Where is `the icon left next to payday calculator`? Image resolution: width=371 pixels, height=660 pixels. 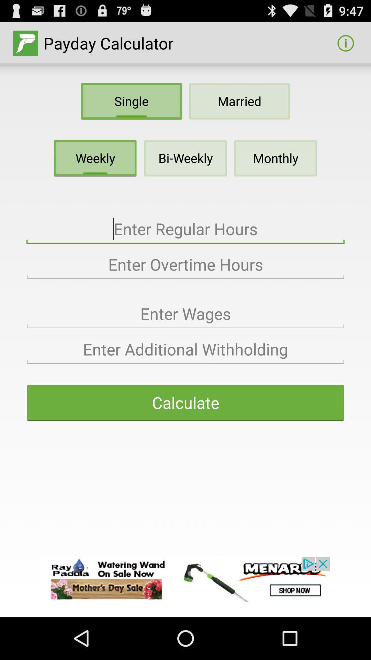
the icon left next to payday calculator is located at coordinates (25, 43).